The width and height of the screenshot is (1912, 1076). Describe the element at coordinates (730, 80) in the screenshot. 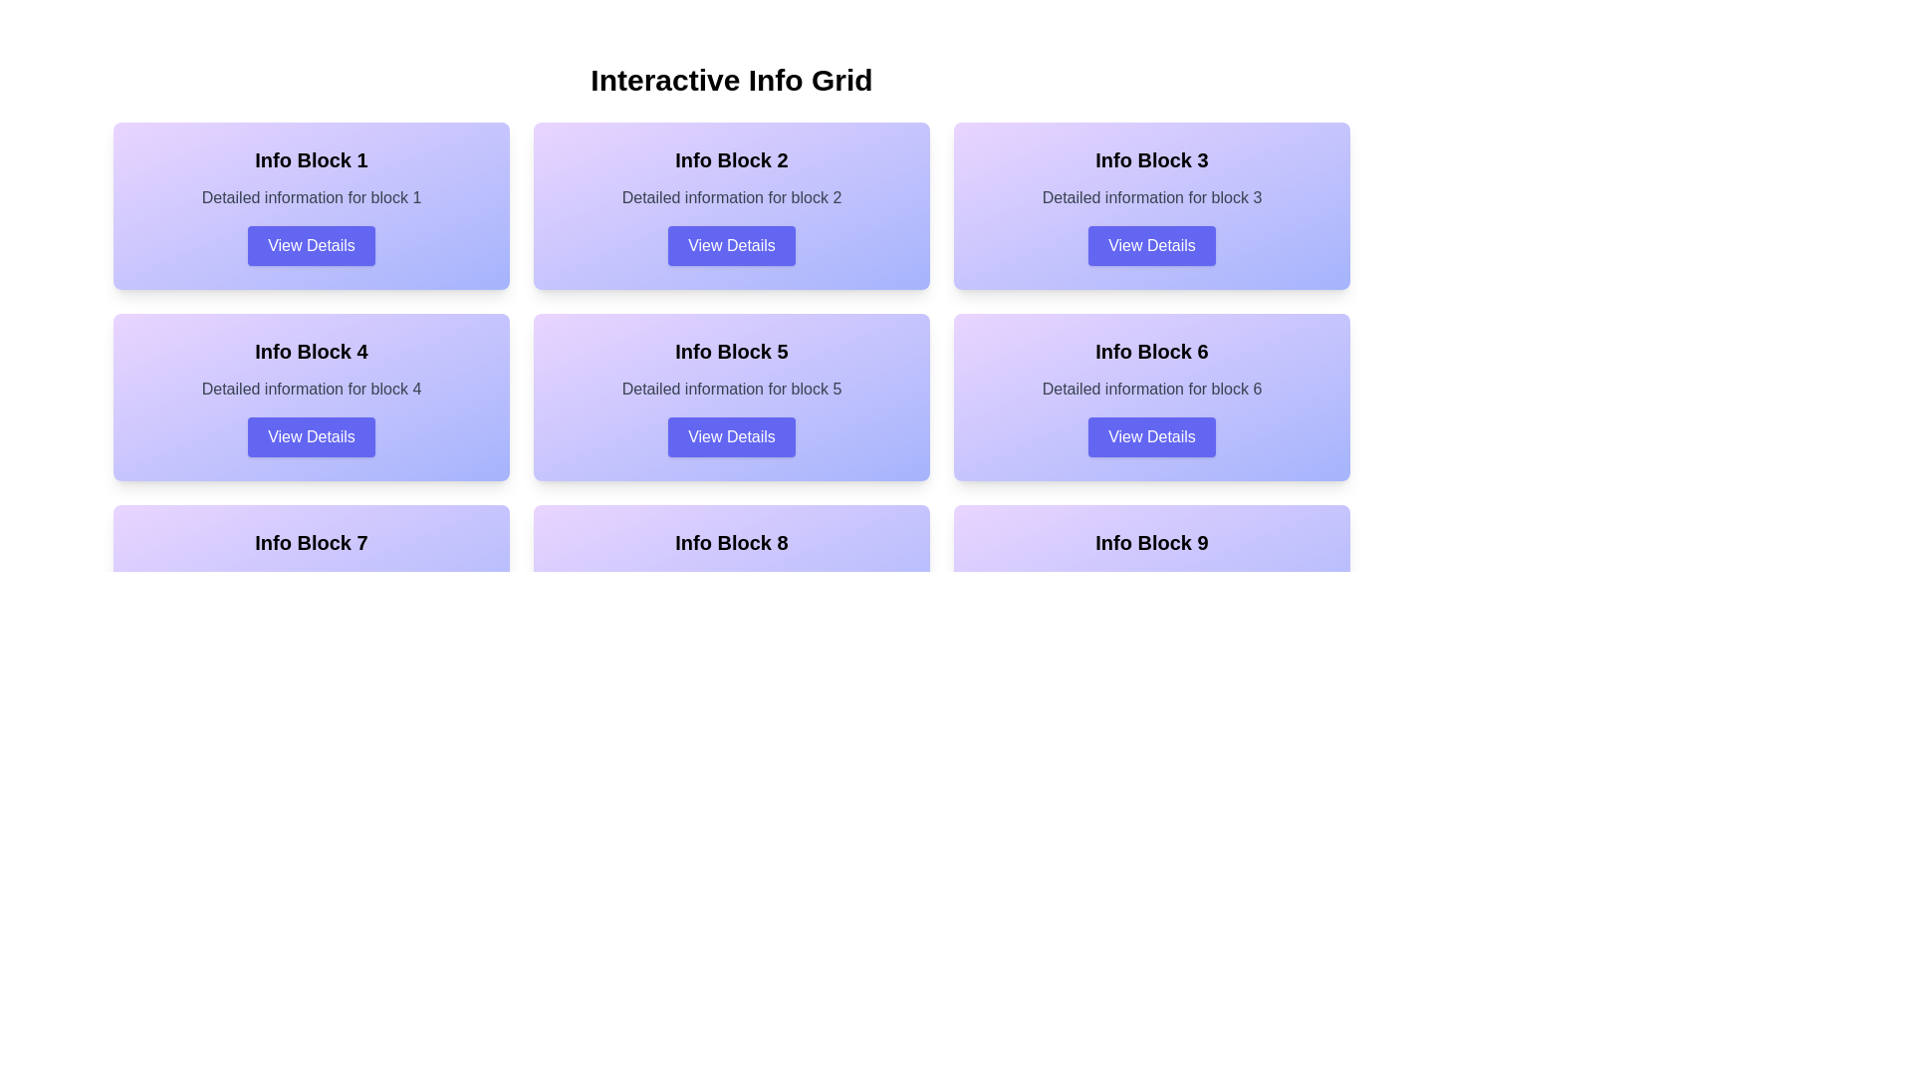

I see `prominently styled header text 'Interactive Info Grid' which is centrally aligned at the top of the interface` at that location.